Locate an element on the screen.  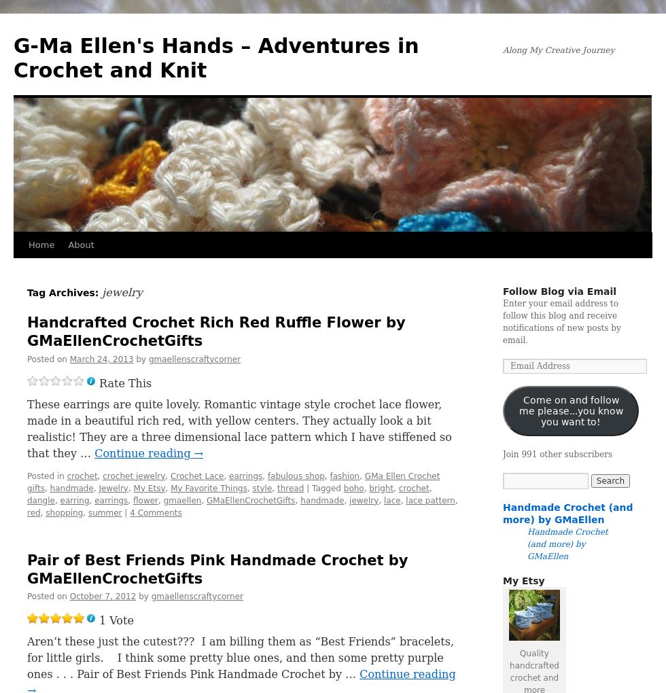
'Come on and follow me please...you know you want to!' is located at coordinates (570, 410).